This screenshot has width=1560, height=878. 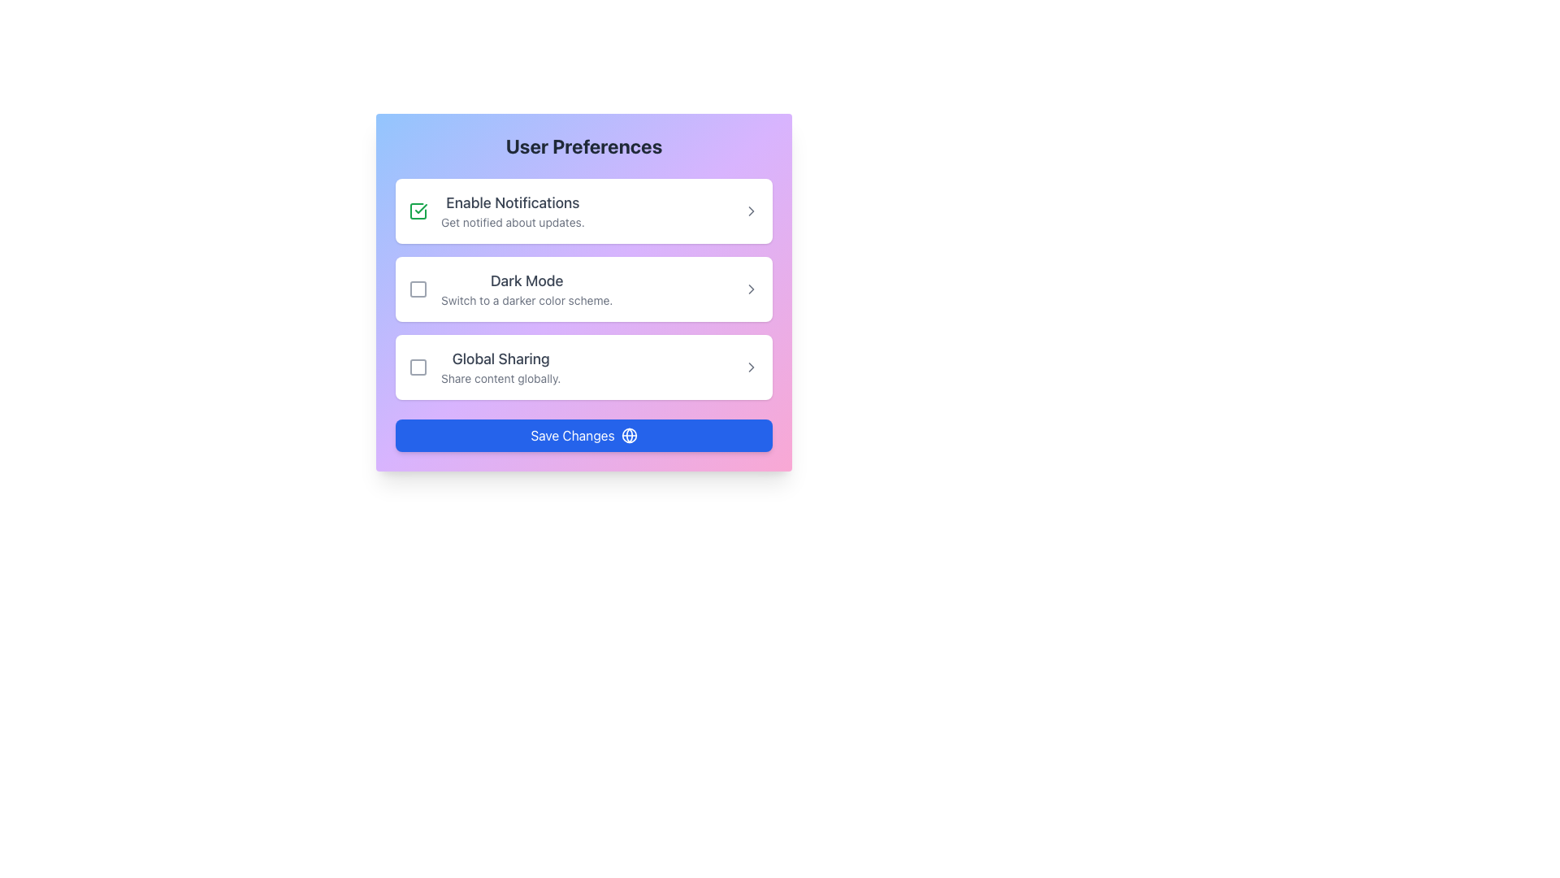 What do you see at coordinates (418, 210) in the screenshot?
I see `the checkbox located on the left side of the 'Enable Notifications' label` at bounding box center [418, 210].